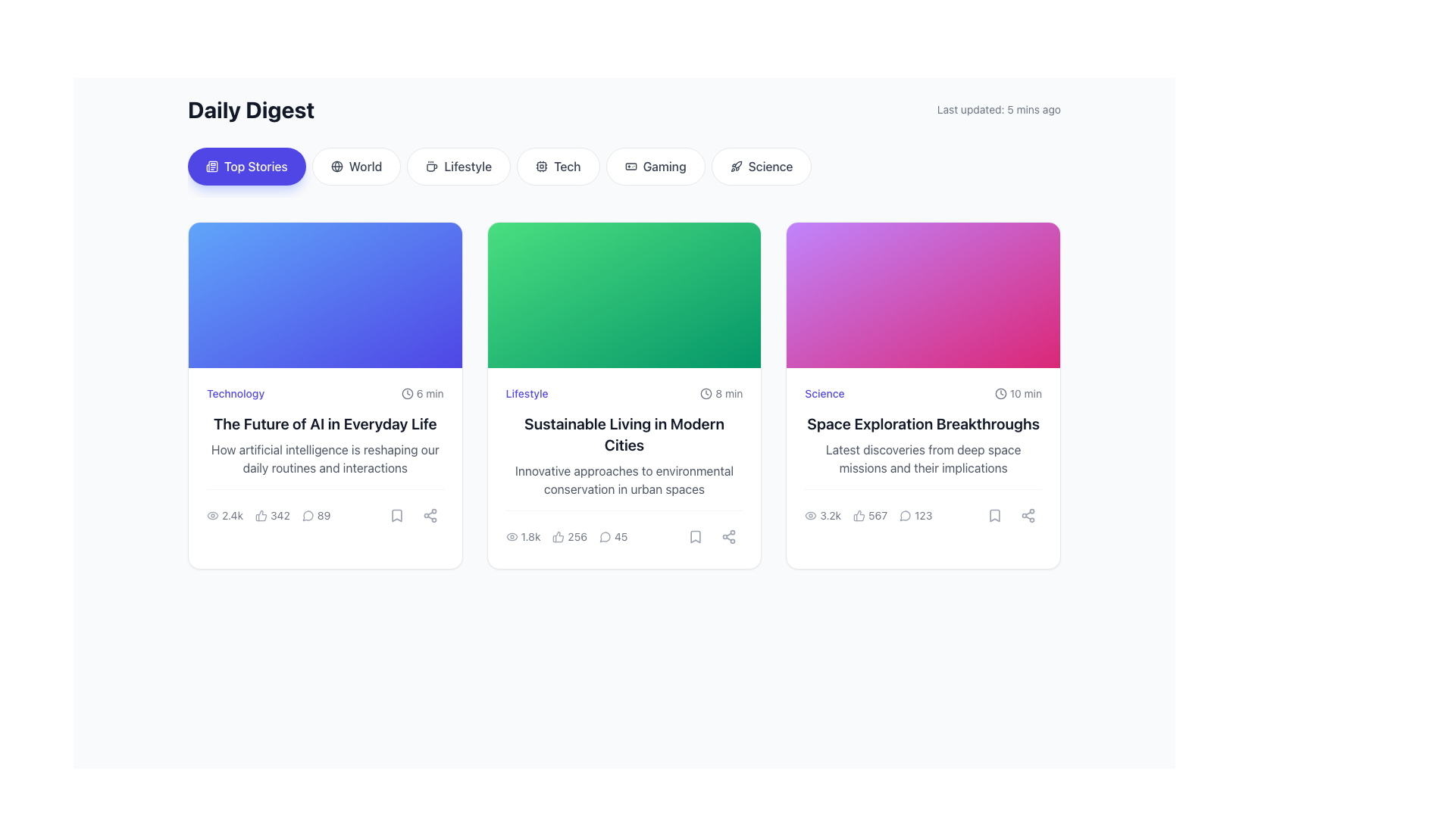  Describe the element at coordinates (211, 166) in the screenshot. I see `the small newspaper icon located to the left of the 'Top Stories' button within the purple button at the top-left corner of the main content area` at that location.